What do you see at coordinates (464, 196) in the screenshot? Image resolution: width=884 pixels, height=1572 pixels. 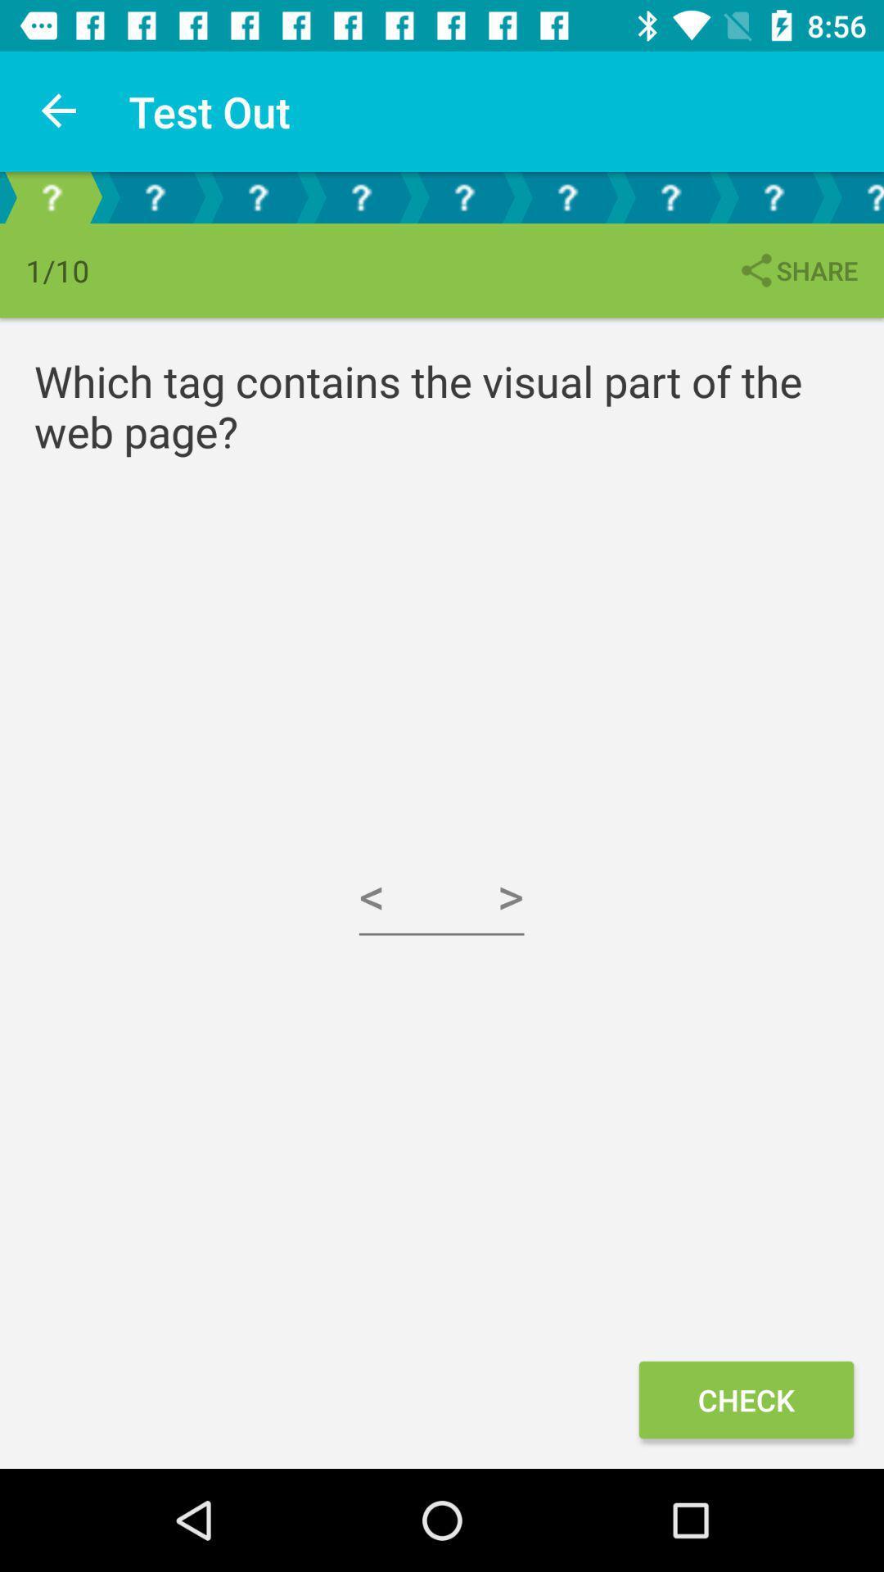 I see `question mark` at bounding box center [464, 196].